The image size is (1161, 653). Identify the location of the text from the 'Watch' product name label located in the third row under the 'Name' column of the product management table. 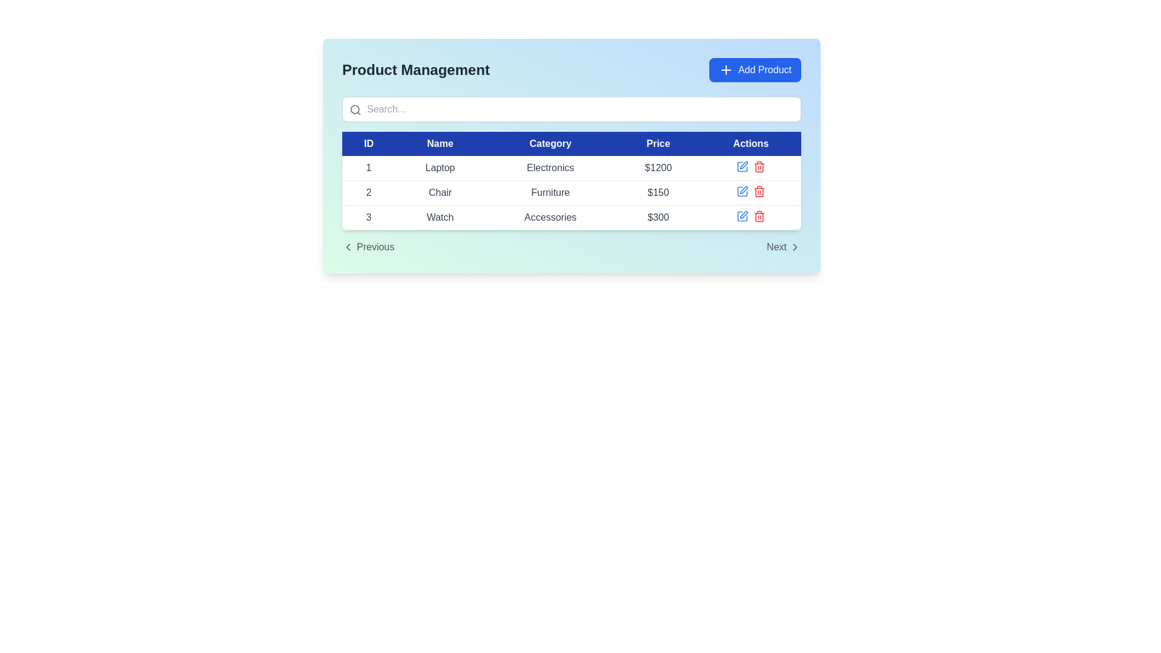
(440, 216).